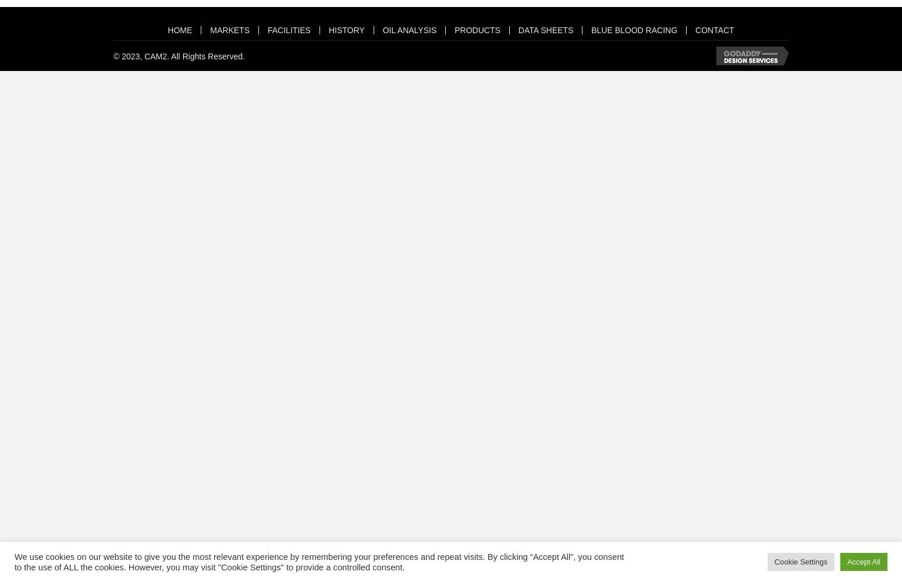 The image size is (902, 582). Describe the element at coordinates (180, 30) in the screenshot. I see `'HOME'` at that location.